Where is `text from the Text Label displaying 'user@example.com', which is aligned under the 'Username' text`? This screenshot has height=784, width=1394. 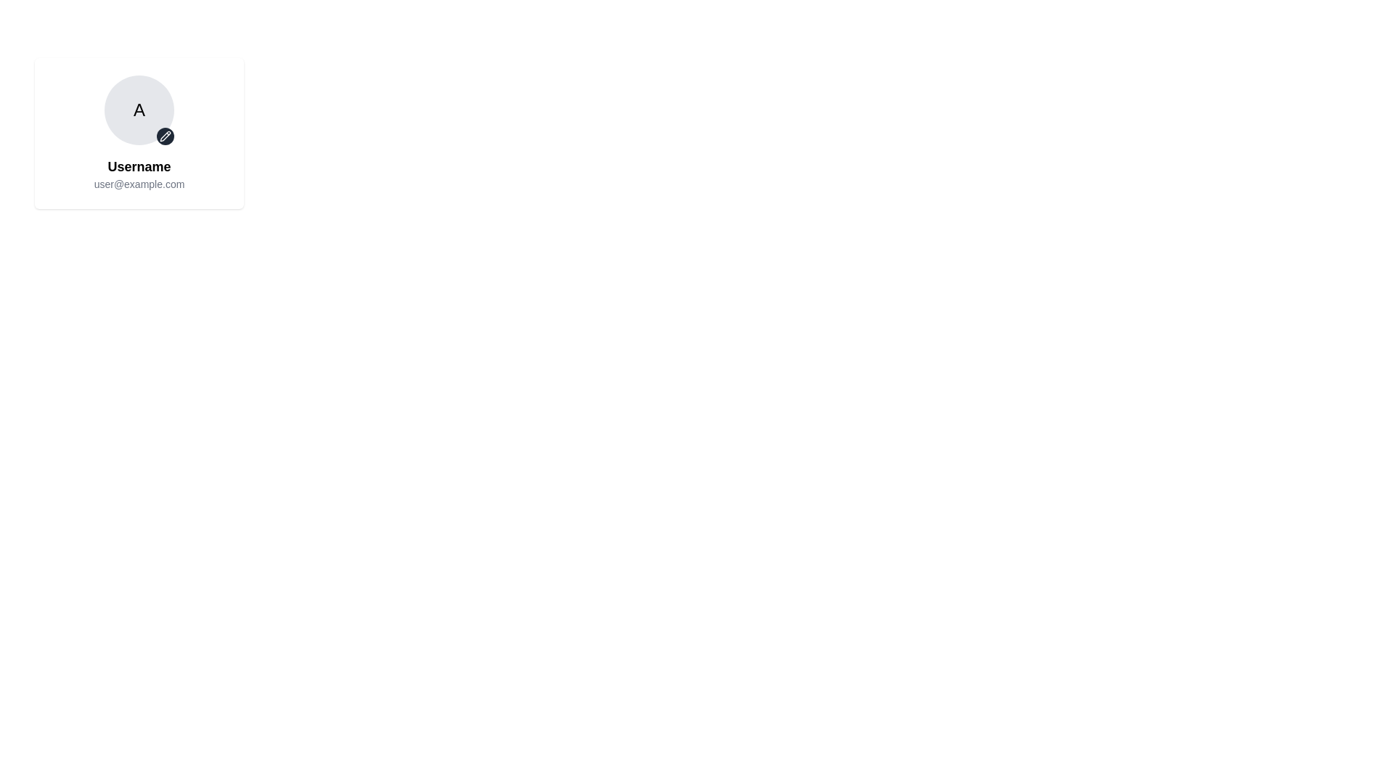 text from the Text Label displaying 'user@example.com', which is aligned under the 'Username' text is located at coordinates (139, 184).